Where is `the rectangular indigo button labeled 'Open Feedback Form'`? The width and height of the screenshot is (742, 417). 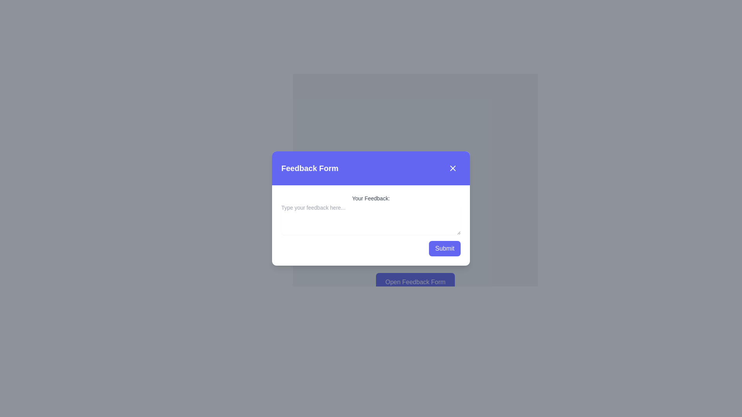 the rectangular indigo button labeled 'Open Feedback Form' is located at coordinates (415, 282).